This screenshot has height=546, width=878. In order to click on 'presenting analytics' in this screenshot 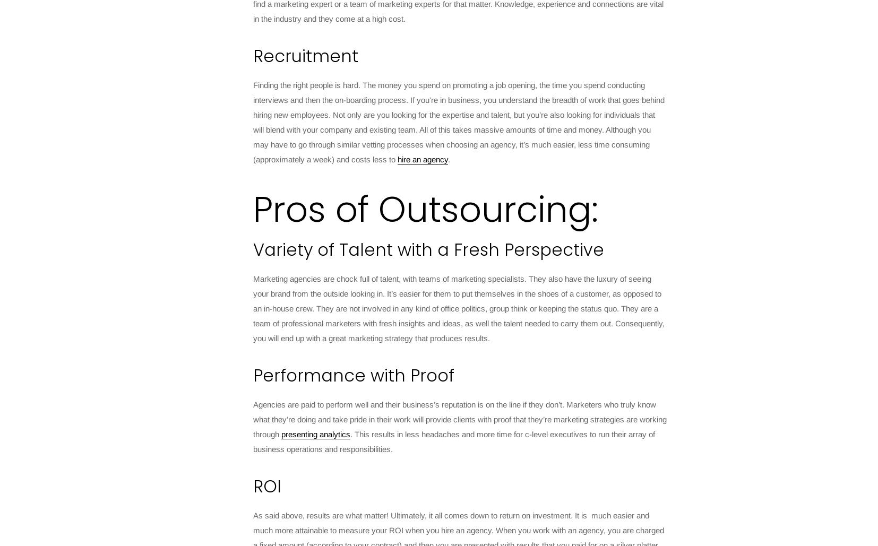, I will do `click(281, 434)`.